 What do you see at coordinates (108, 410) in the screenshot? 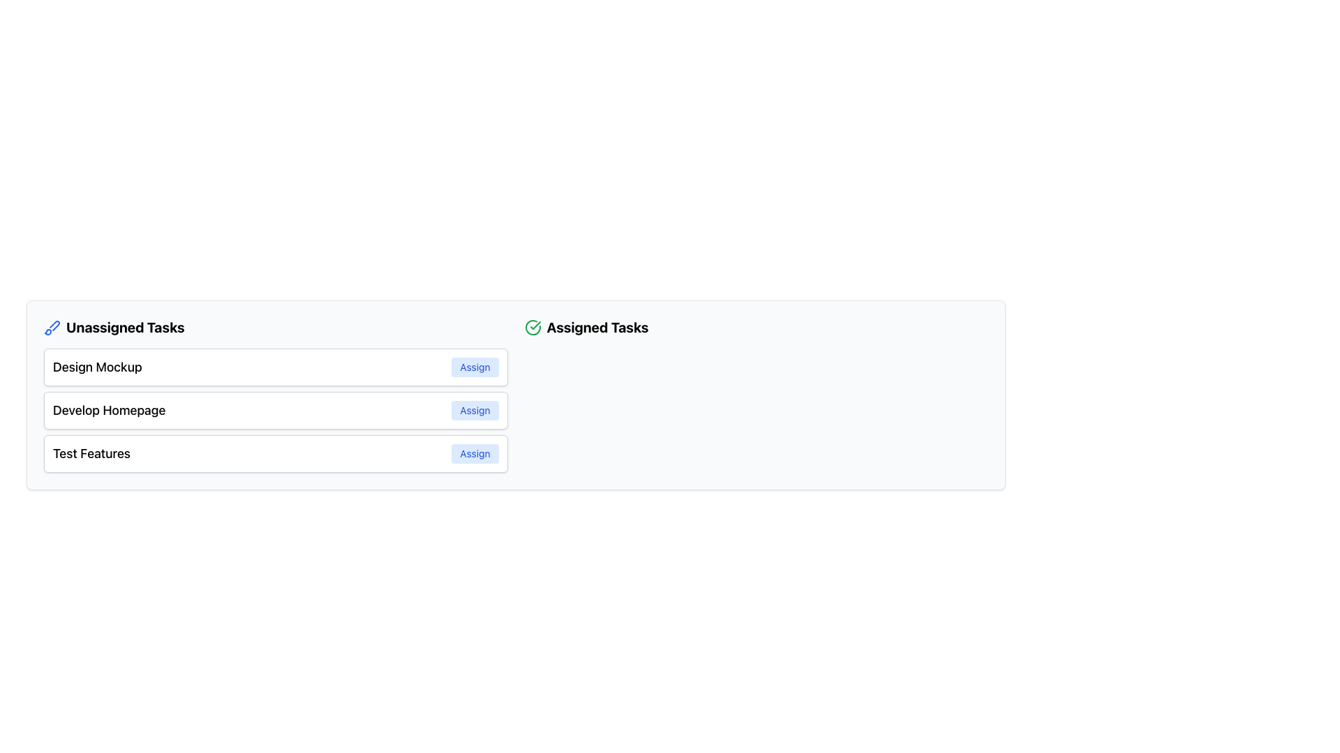
I see `the text label that serves as the title or description of a task within the 'Unassigned Tasks' section, located in the second card of the vertical stack` at bounding box center [108, 410].